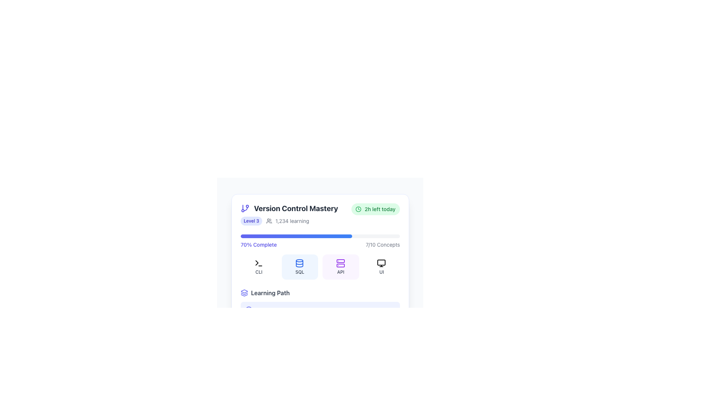 The width and height of the screenshot is (711, 400). Describe the element at coordinates (269, 221) in the screenshot. I see `the icon representing a group of people, which is located directly to the left of the text '1,234 learning'` at that location.